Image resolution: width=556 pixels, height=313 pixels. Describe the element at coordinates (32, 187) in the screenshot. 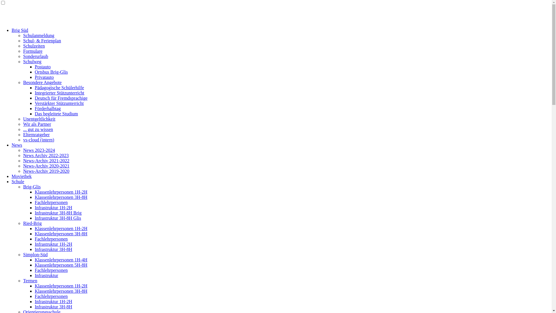

I see `'Brig-Glis'` at that location.